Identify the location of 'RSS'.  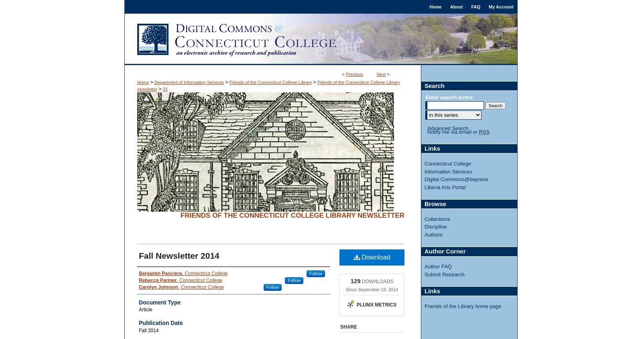
(478, 131).